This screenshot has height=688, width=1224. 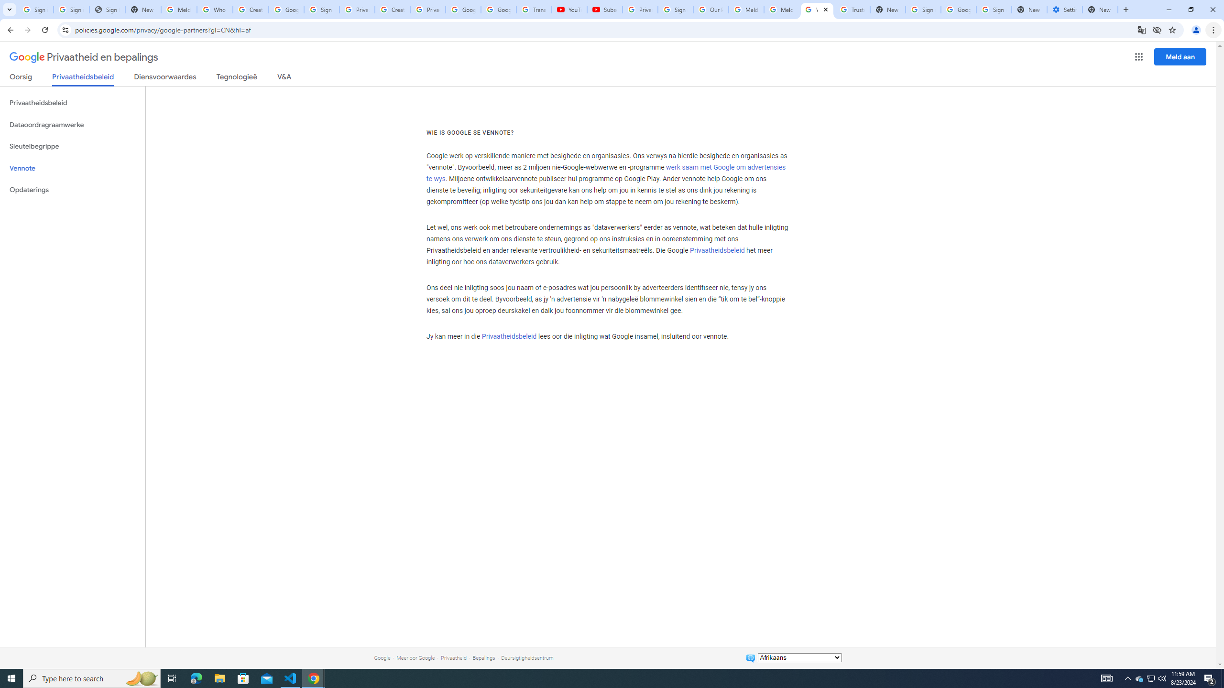 I want to click on 'Diensvoorwaardes', so click(x=165, y=78).